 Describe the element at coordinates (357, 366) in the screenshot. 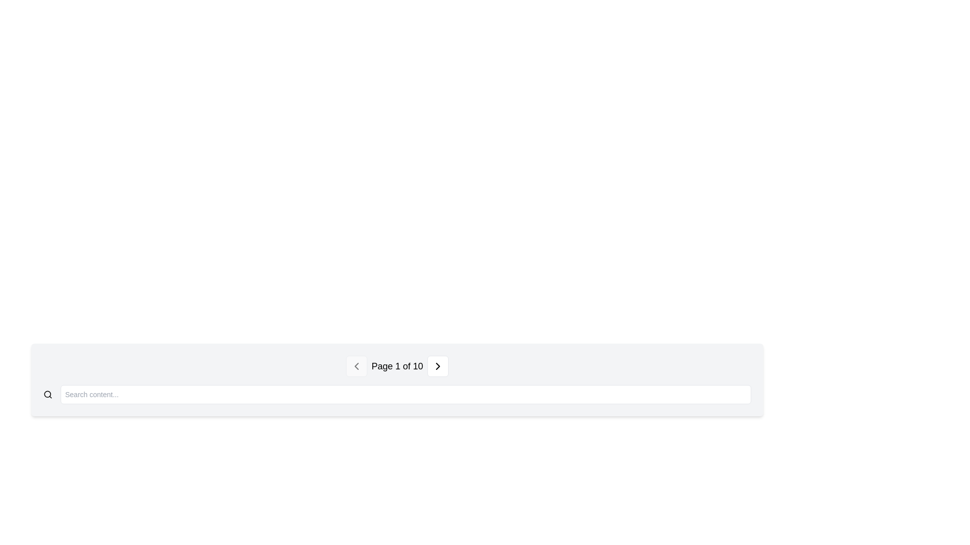

I see `the previous page button in the pagination control` at that location.